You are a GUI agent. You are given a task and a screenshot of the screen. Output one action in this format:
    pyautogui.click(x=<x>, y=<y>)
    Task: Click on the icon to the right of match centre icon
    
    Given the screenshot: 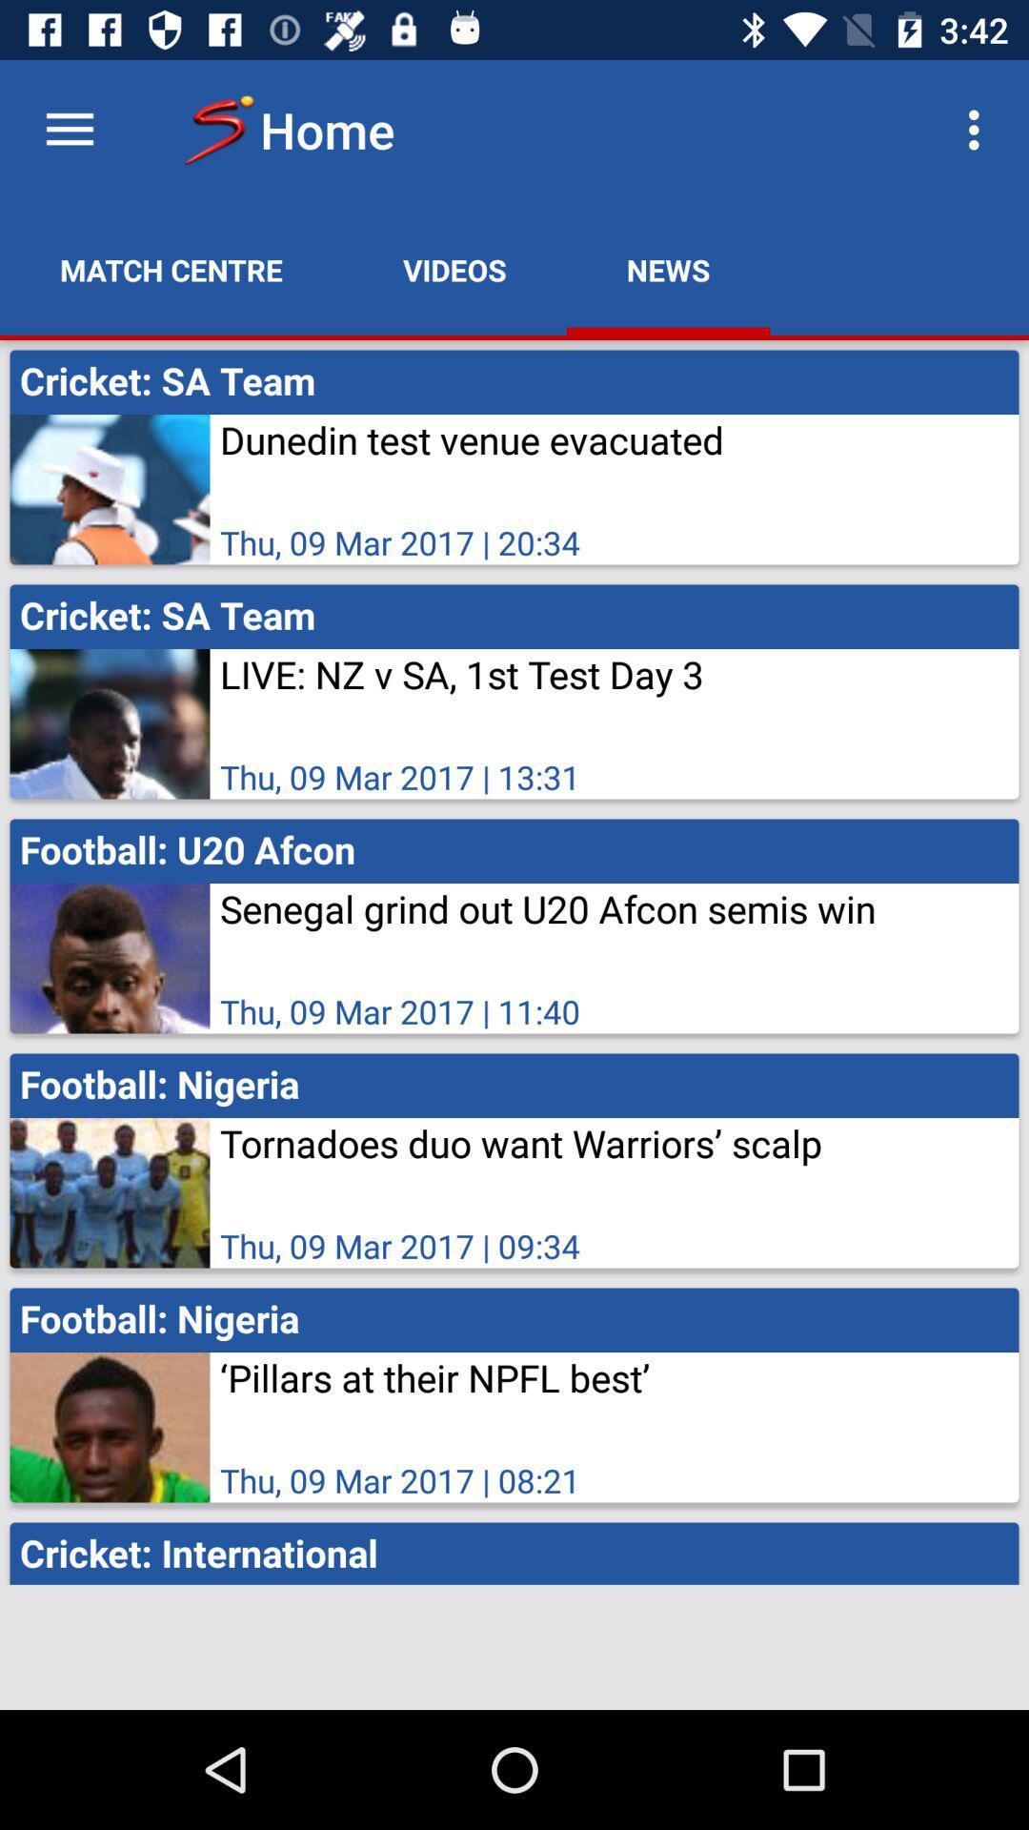 What is the action you would take?
    pyautogui.click(x=454, y=269)
    